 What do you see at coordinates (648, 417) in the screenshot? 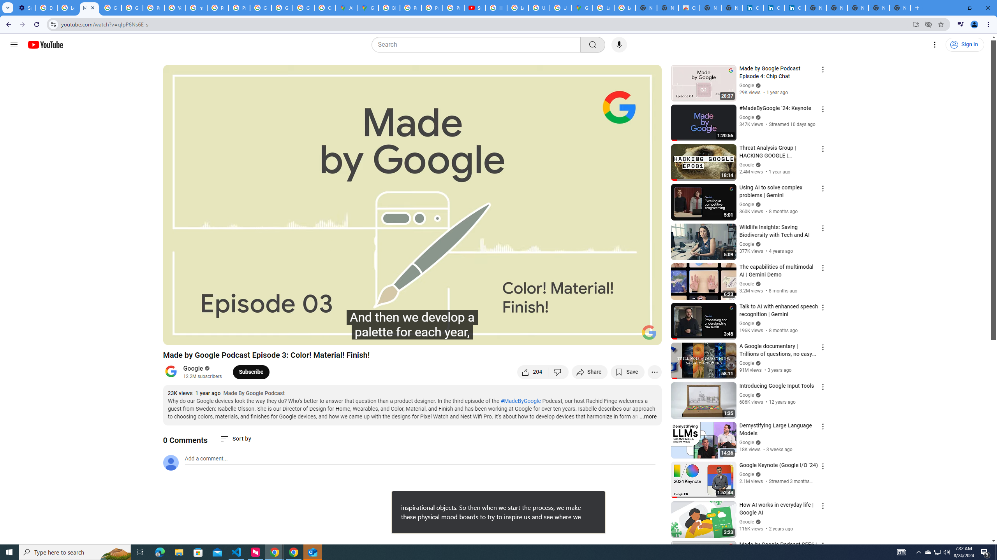
I see `'...more'` at bounding box center [648, 417].